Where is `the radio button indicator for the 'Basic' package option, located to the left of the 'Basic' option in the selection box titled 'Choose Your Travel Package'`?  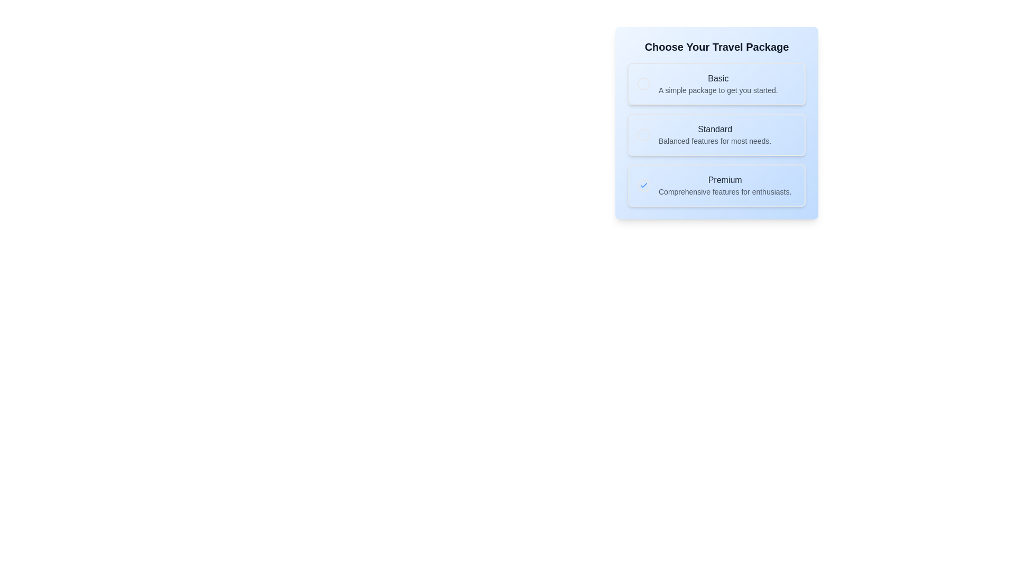
the radio button indicator for the 'Basic' package option, located to the left of the 'Basic' option in the selection box titled 'Choose Your Travel Package' is located at coordinates (643, 83).